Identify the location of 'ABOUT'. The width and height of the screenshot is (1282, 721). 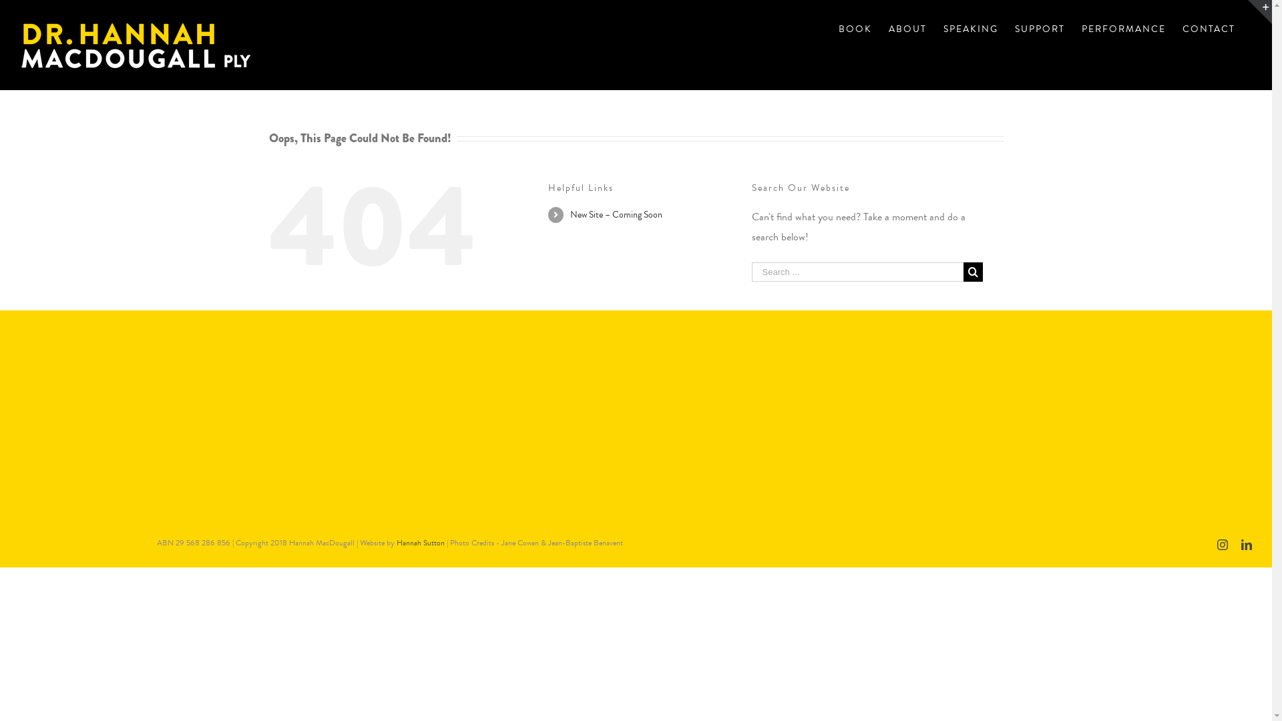
(907, 28).